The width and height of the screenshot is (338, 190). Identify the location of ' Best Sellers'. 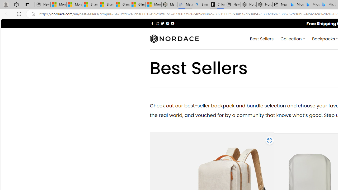
(262, 38).